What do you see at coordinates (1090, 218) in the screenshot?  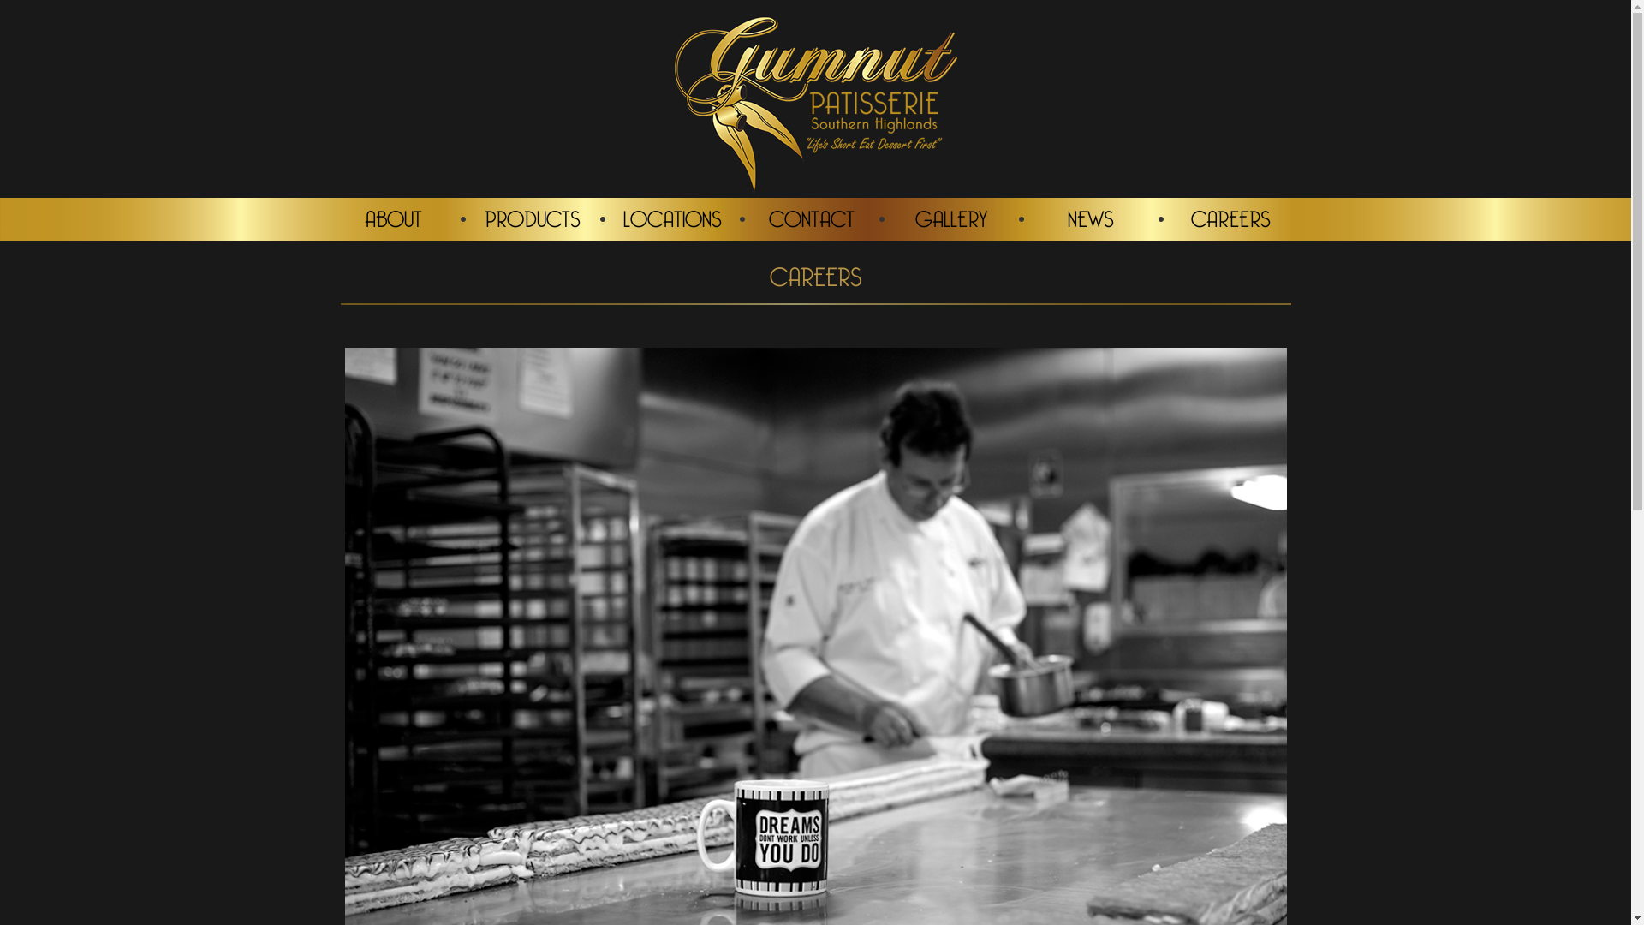 I see `'NEWS'` at bounding box center [1090, 218].